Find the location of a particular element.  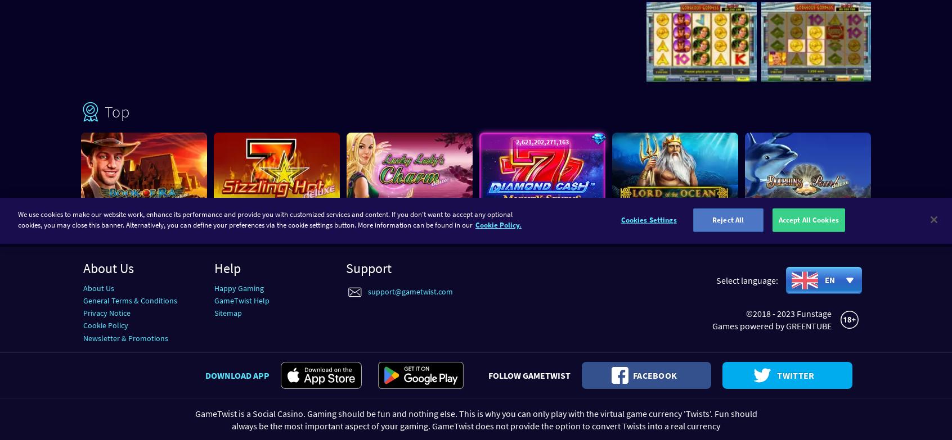

'Lucky Lady’s Charm™ deluxe' is located at coordinates (402, 211).